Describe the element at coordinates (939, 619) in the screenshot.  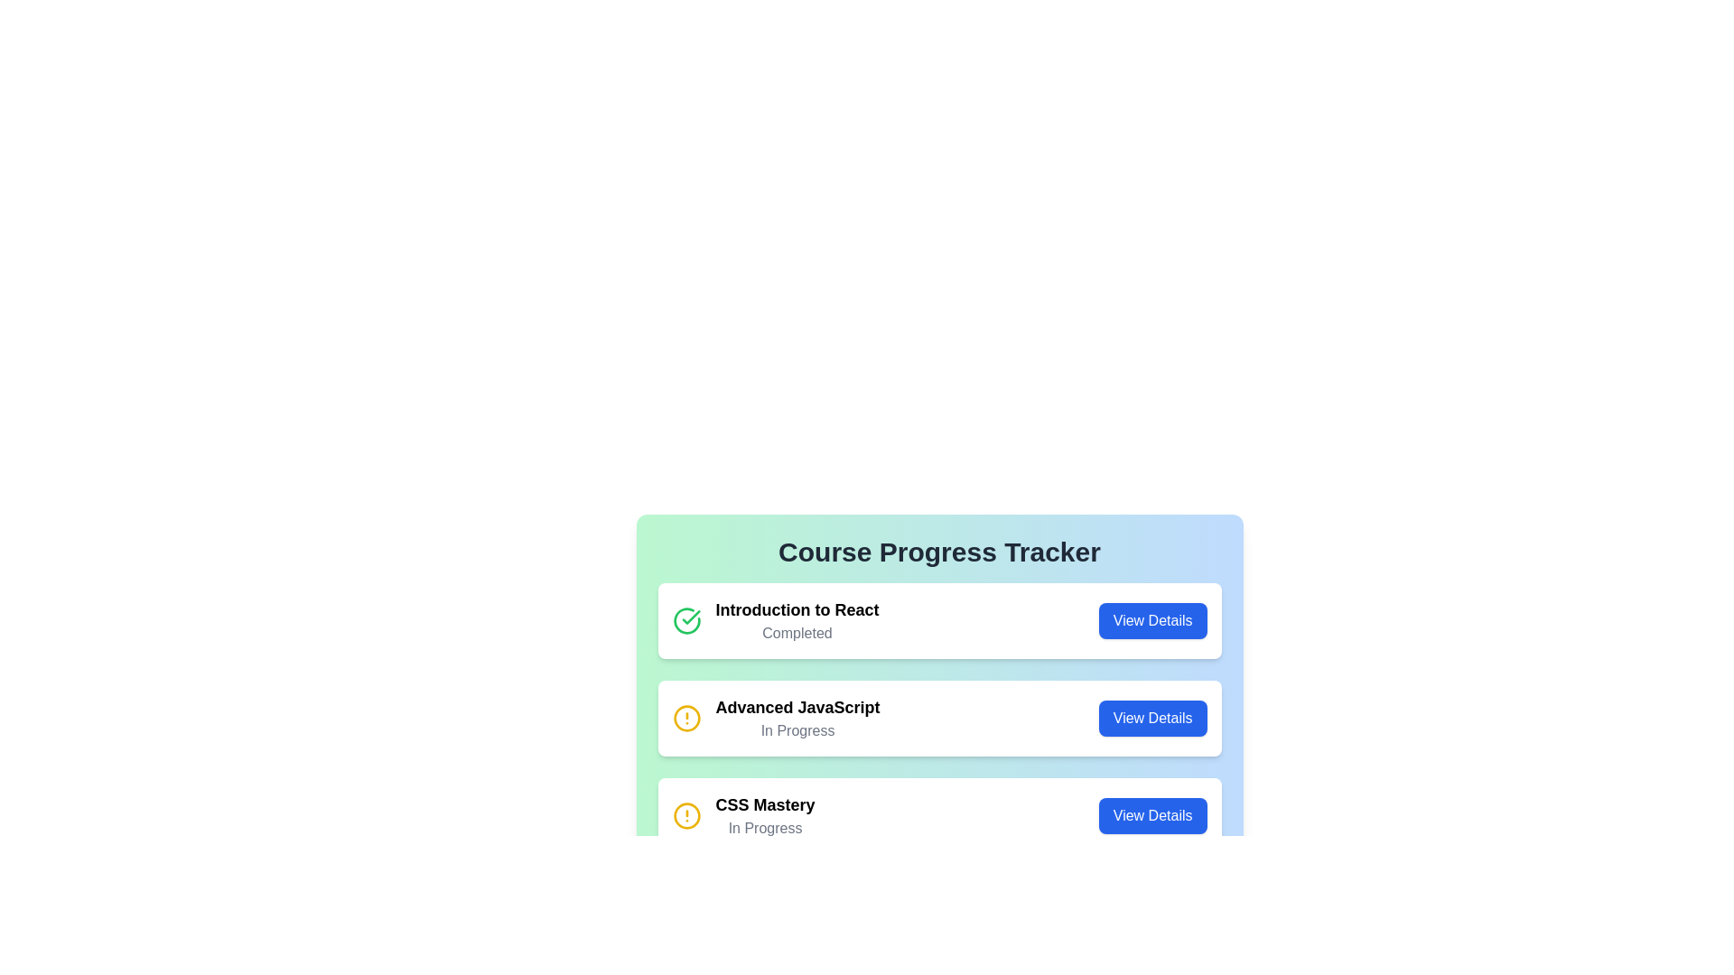
I see `the course status entry for 'Introduction to React'` at that location.